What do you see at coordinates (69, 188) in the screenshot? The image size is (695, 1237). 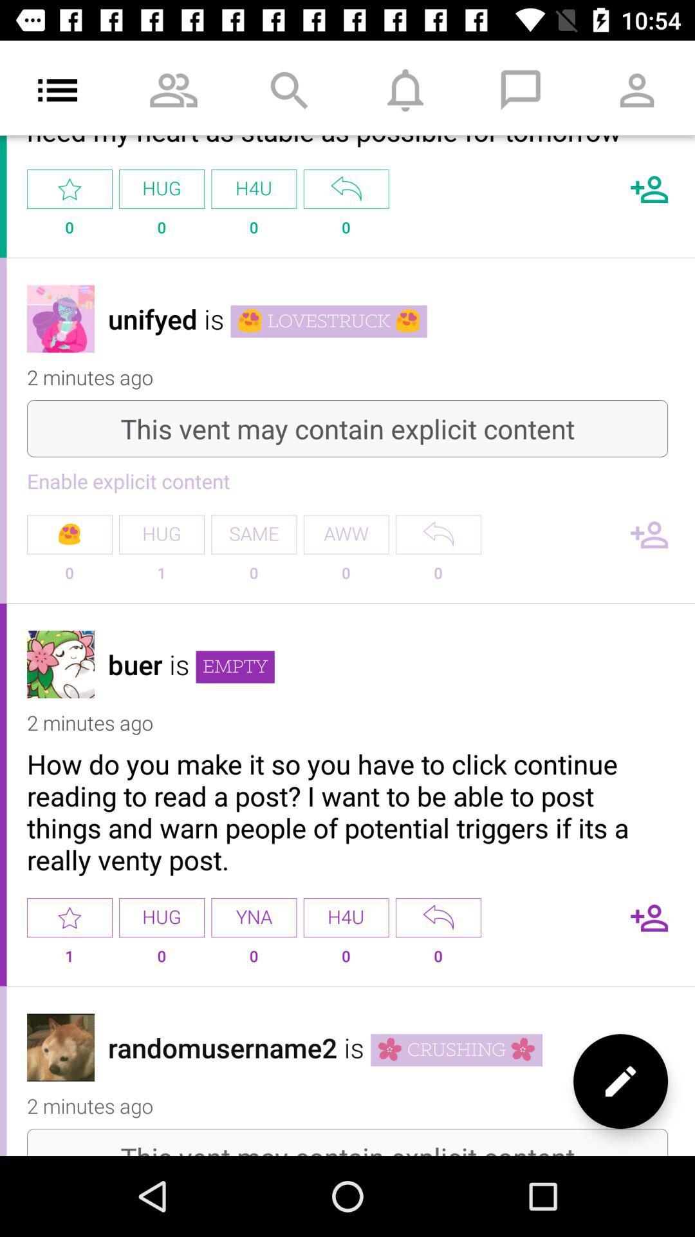 I see `app to the left of hug` at bounding box center [69, 188].